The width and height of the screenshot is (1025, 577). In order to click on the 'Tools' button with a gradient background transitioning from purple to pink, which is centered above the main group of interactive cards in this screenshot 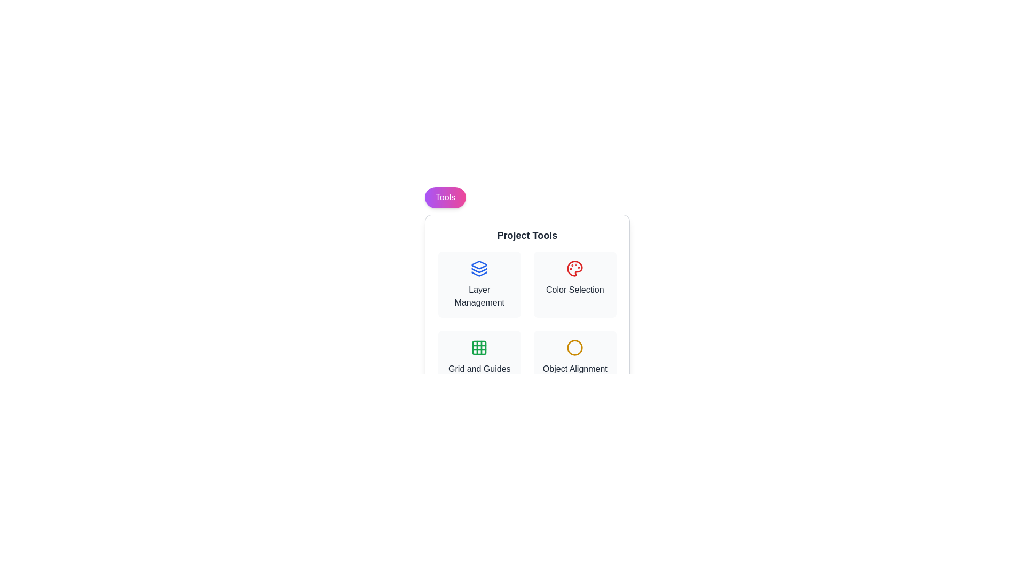, I will do `click(445, 198)`.